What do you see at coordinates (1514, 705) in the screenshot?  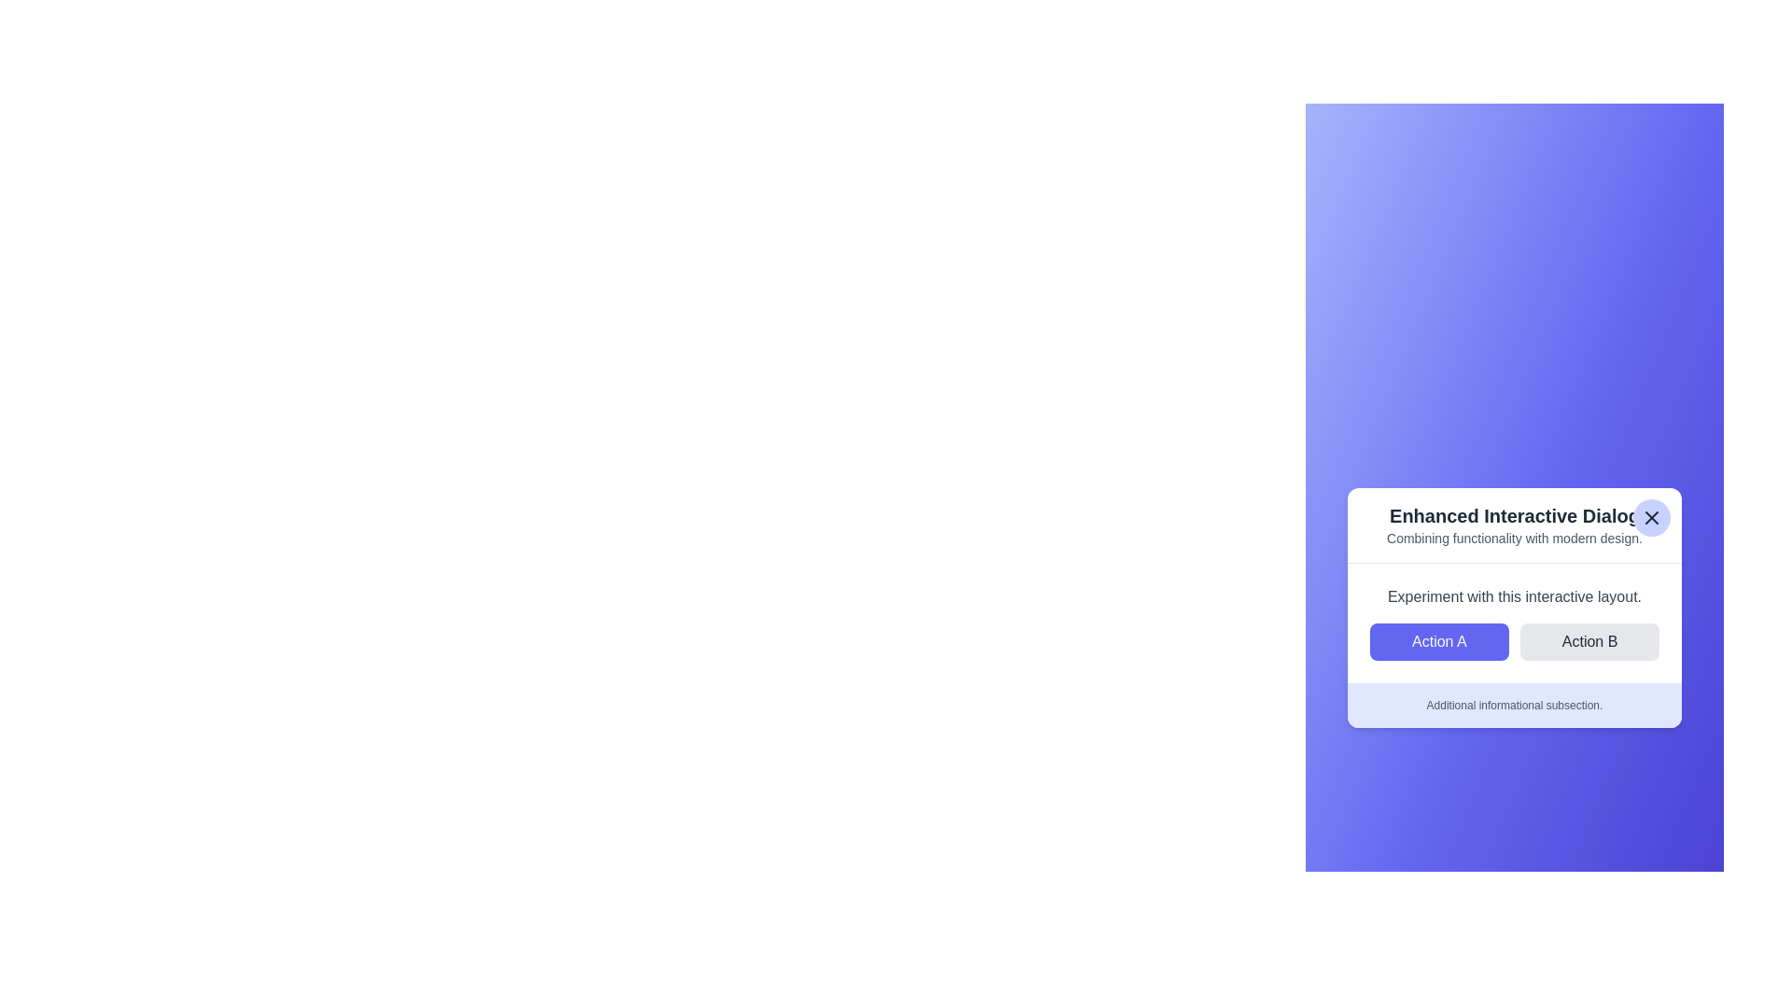 I see `the informational text section with a light indigo background that contains the text 'Additional informational subsection.' located at the bottom of the main dialog box` at bounding box center [1514, 705].